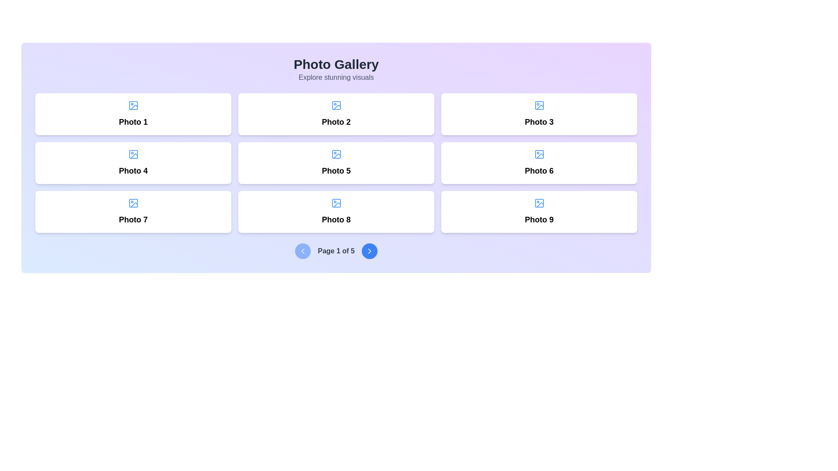 Image resolution: width=838 pixels, height=471 pixels. What do you see at coordinates (539, 154) in the screenshot?
I see `the small square with rounded corners that is part of the image icon in the 'Photo 6' slot of the 'Photo Gallery' interface` at bounding box center [539, 154].